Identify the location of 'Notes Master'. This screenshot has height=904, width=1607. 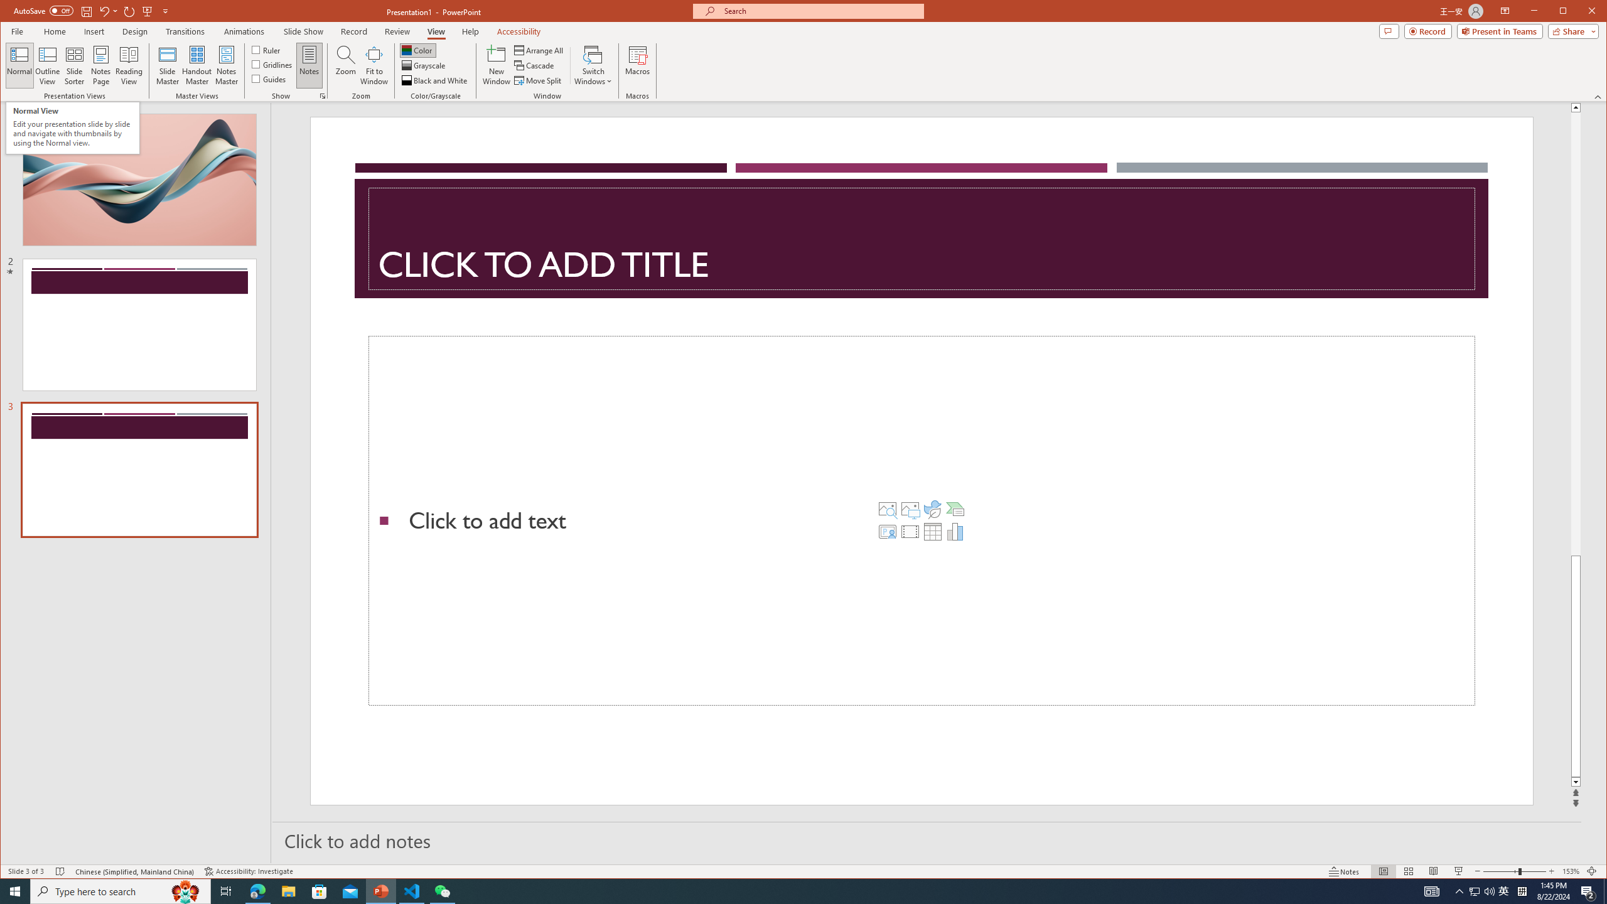
(225, 65).